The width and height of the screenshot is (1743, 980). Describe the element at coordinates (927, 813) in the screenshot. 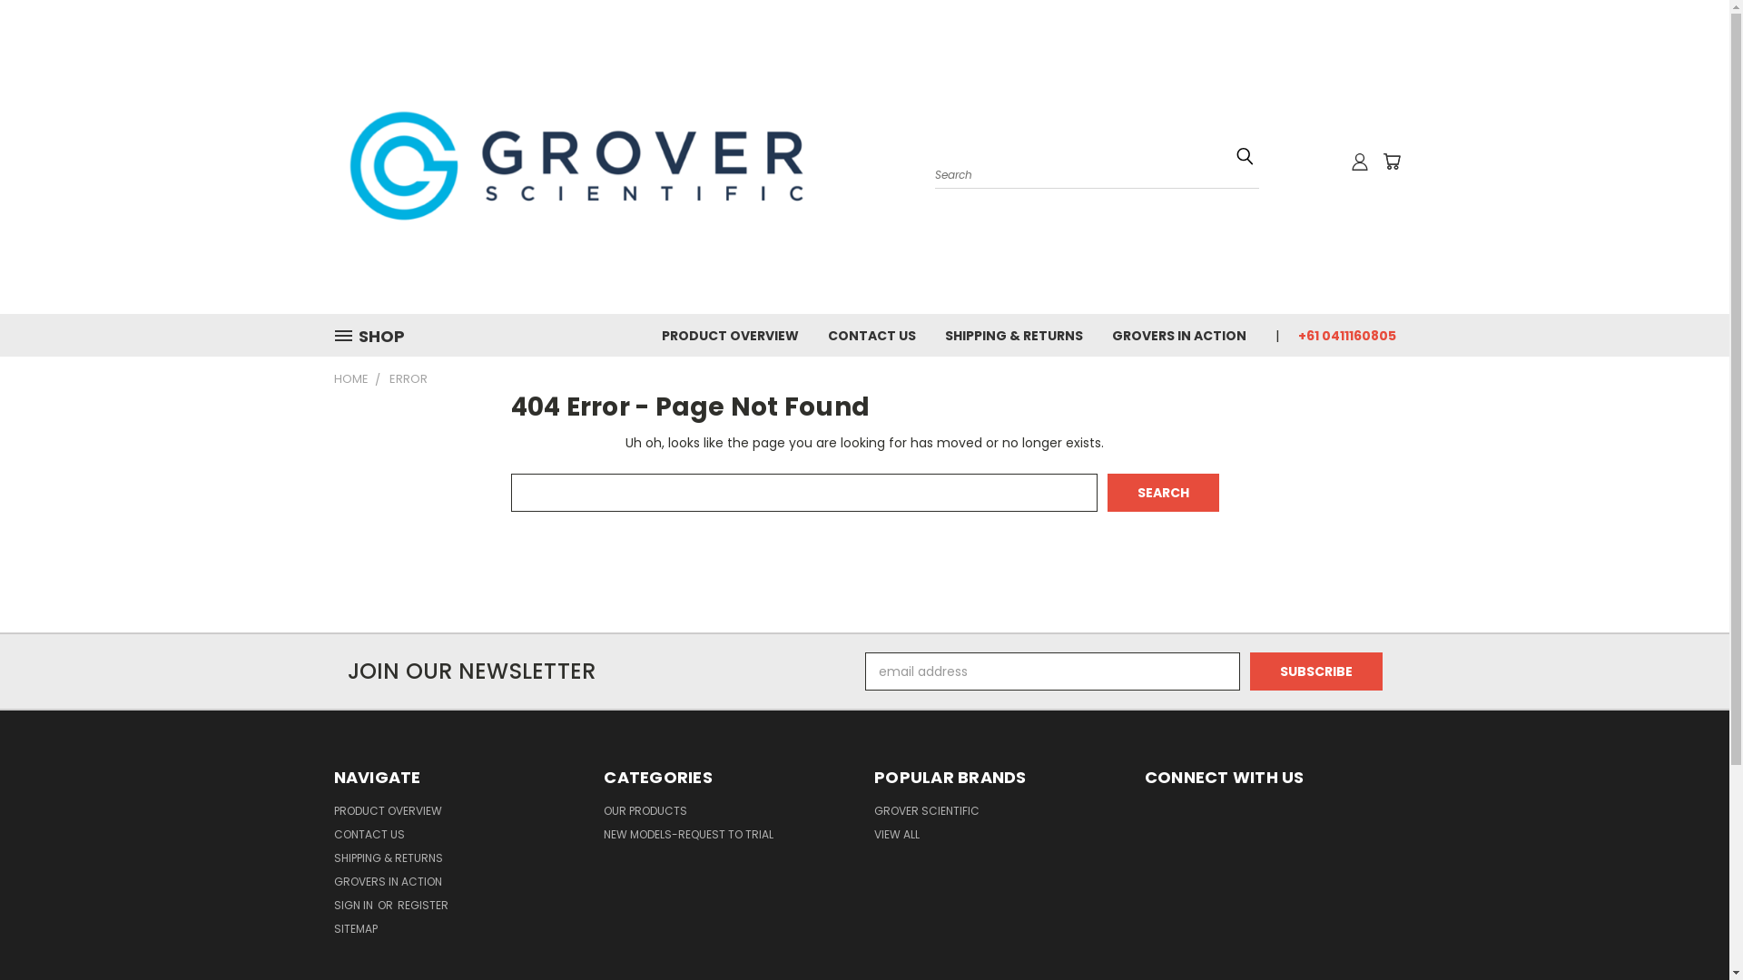

I see `'GROVER SCIENTIFIC'` at that location.